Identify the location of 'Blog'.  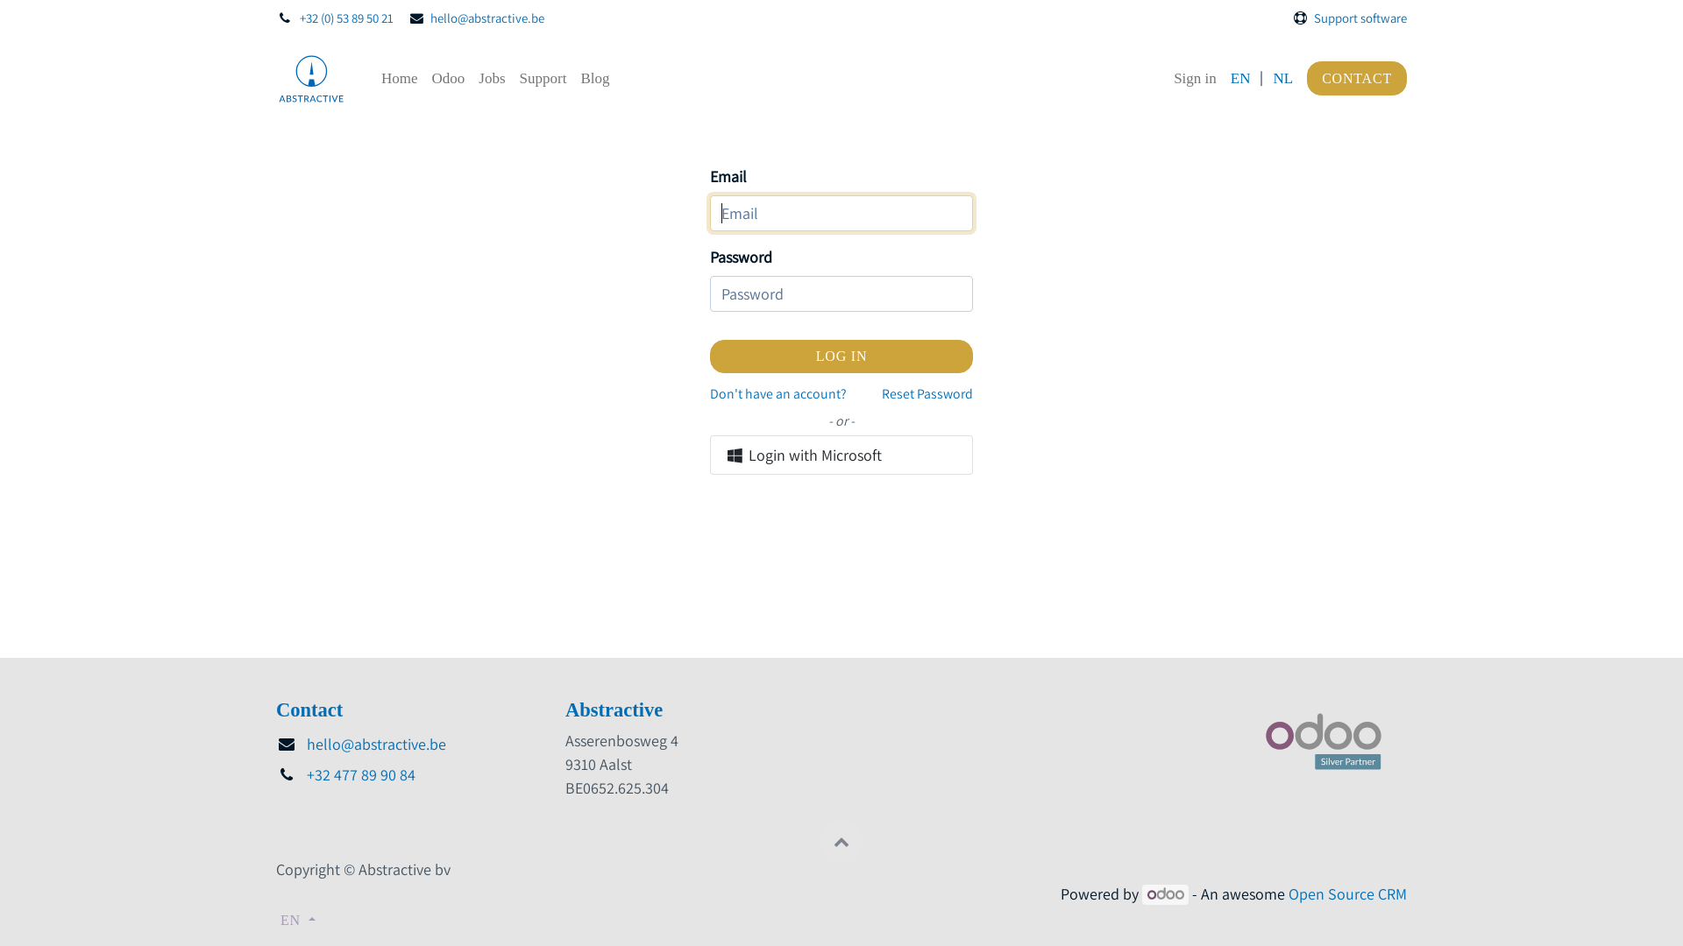
(594, 77).